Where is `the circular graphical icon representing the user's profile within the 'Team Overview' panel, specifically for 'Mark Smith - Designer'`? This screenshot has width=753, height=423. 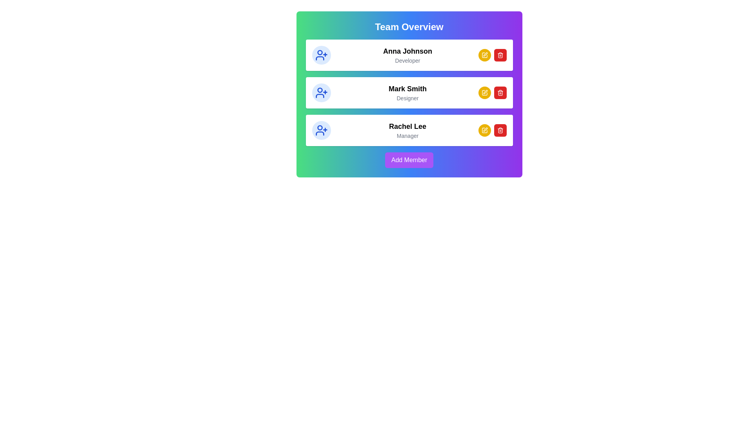 the circular graphical icon representing the user's profile within the 'Team Overview' panel, specifically for 'Mark Smith - Designer' is located at coordinates (320, 90).